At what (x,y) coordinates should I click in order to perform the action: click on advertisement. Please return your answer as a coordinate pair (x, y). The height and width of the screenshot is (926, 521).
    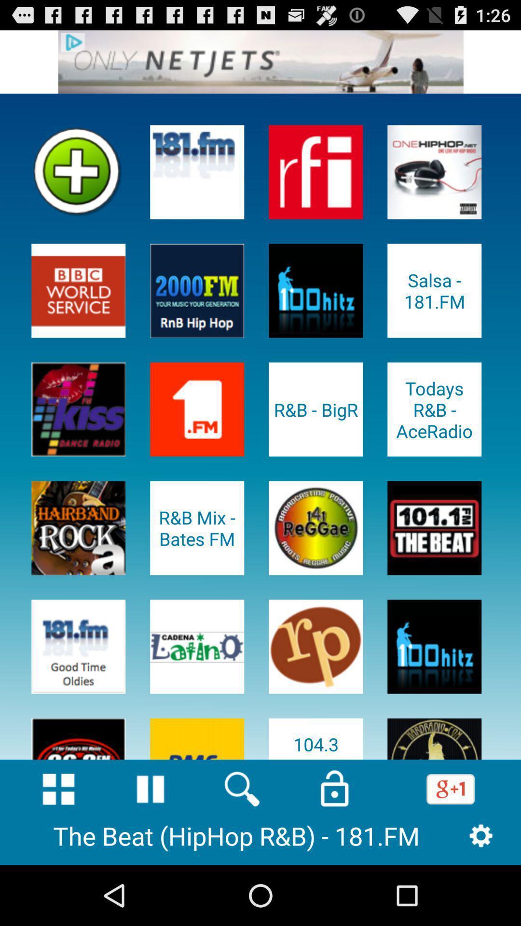
    Looking at the image, I should click on (260, 61).